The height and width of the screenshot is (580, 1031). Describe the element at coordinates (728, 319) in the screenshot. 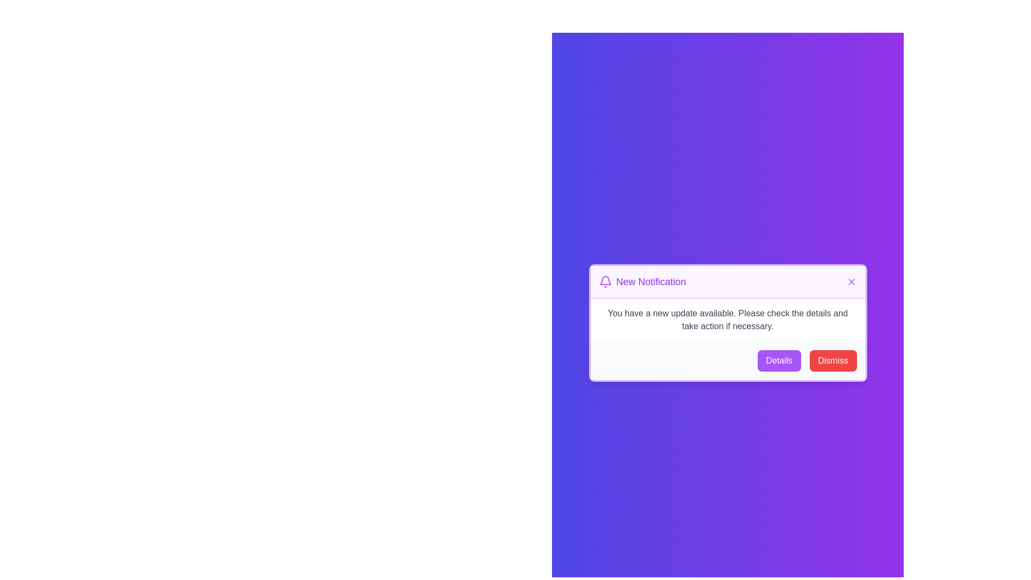

I see `text in the main body message of the notification popup located beneath the title 'New Notification'` at that location.